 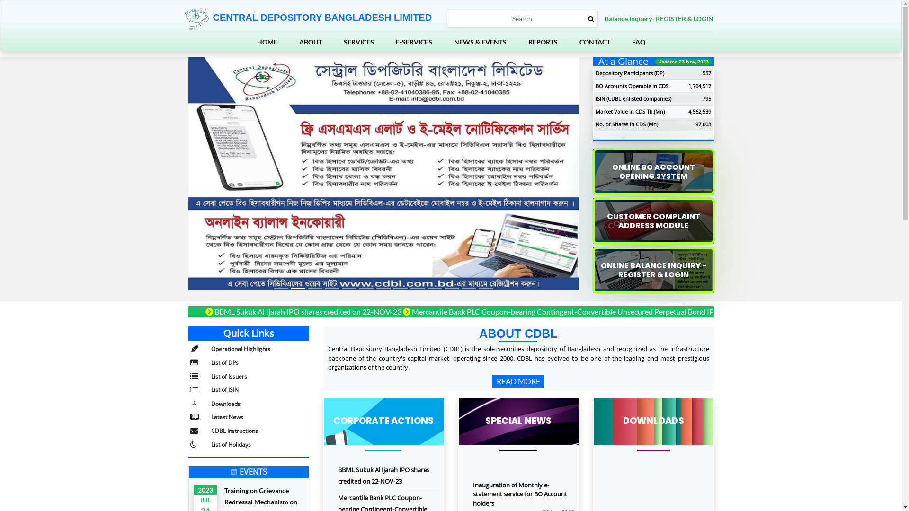 I want to click on 'List of ISIN', so click(x=224, y=389).